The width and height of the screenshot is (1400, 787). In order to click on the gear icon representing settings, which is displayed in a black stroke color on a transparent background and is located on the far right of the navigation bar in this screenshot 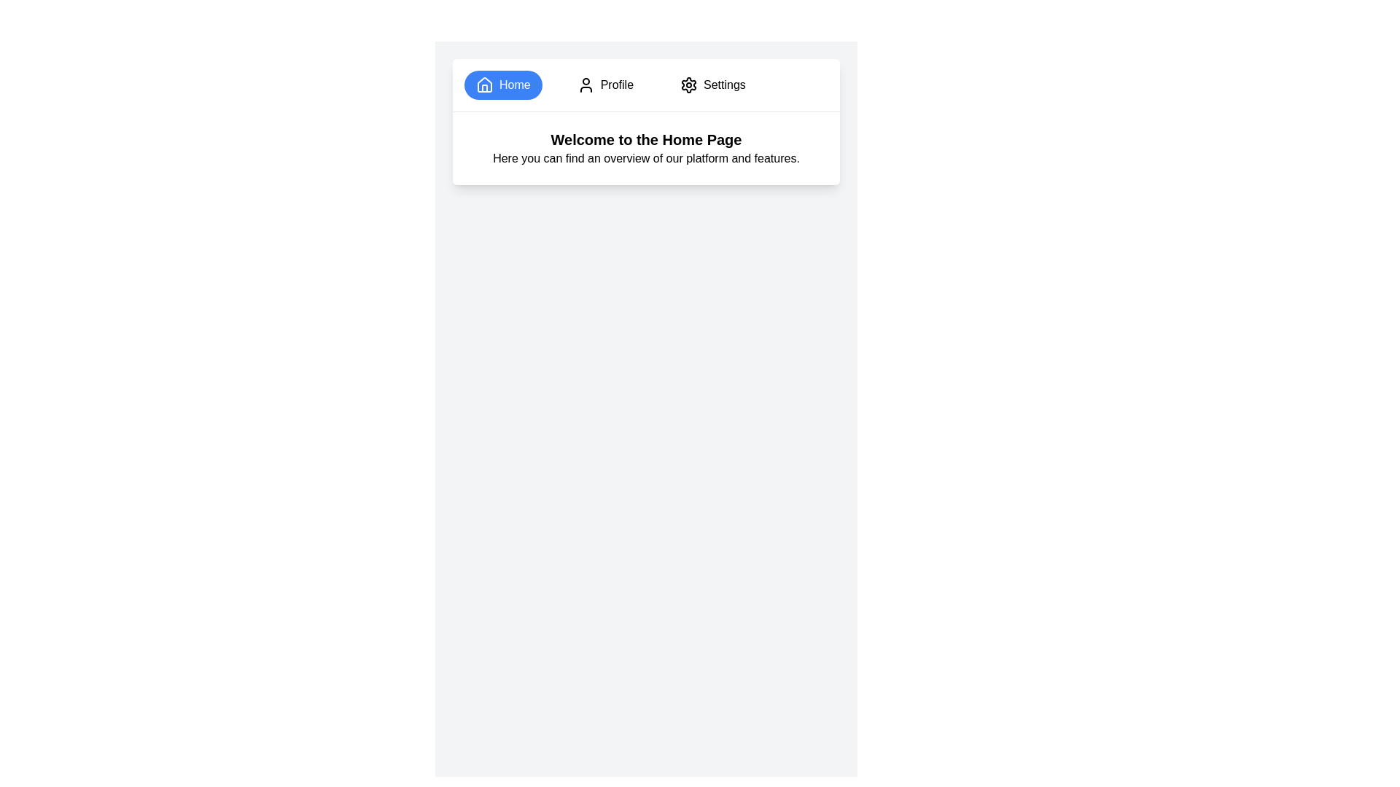, I will do `click(688, 85)`.